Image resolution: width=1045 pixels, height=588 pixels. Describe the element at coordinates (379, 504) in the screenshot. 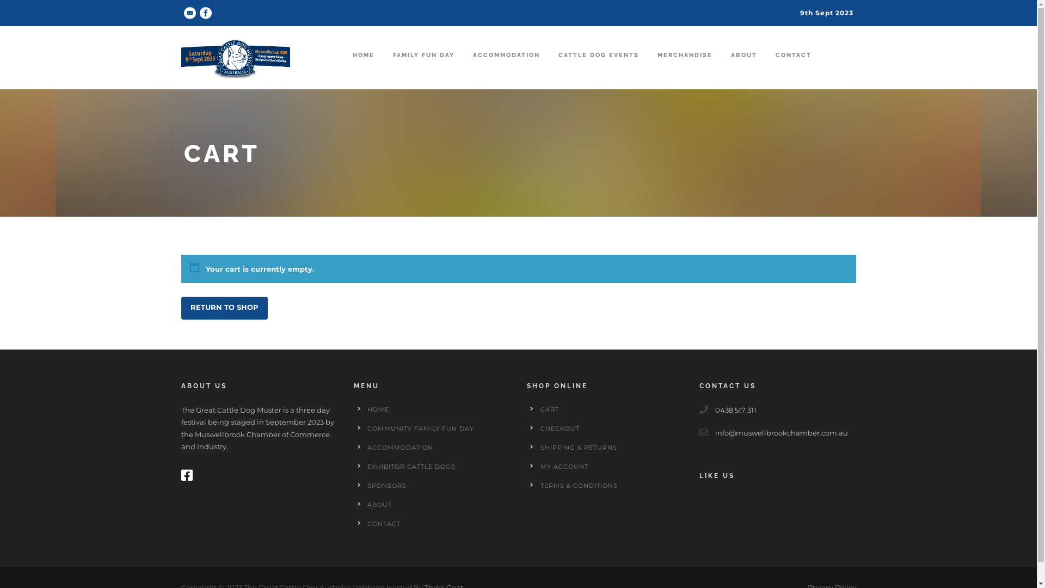

I see `'ABOUT'` at that location.